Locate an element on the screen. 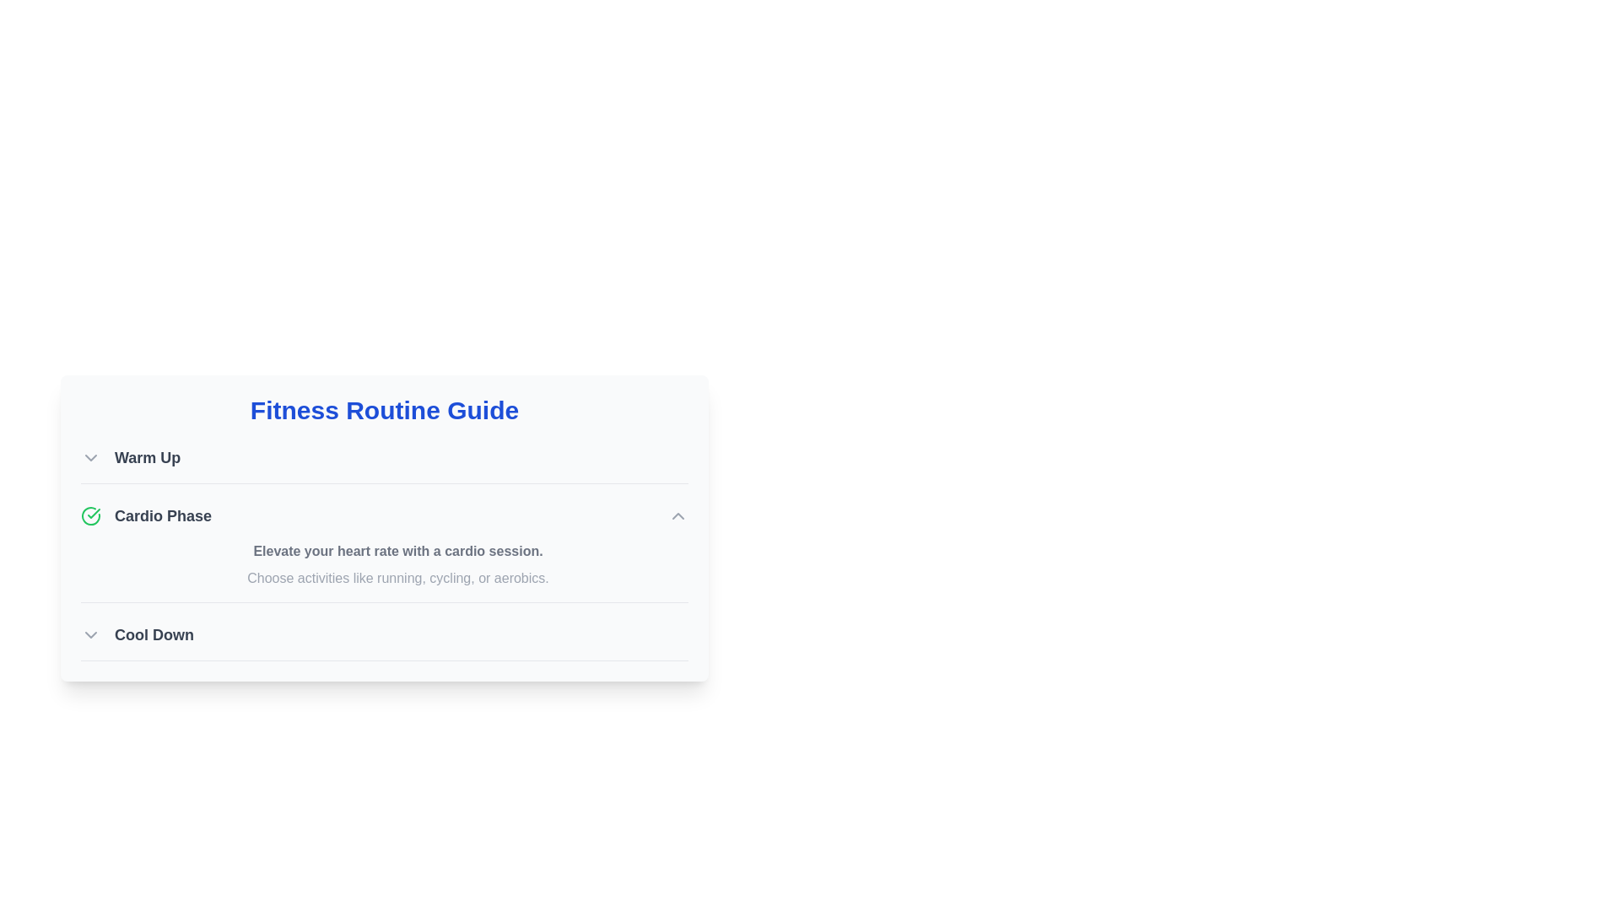 This screenshot has width=1620, height=911. the 'Cardio Phase' text label, which is bold and large-sized in dark gray font is located at coordinates (163, 515).